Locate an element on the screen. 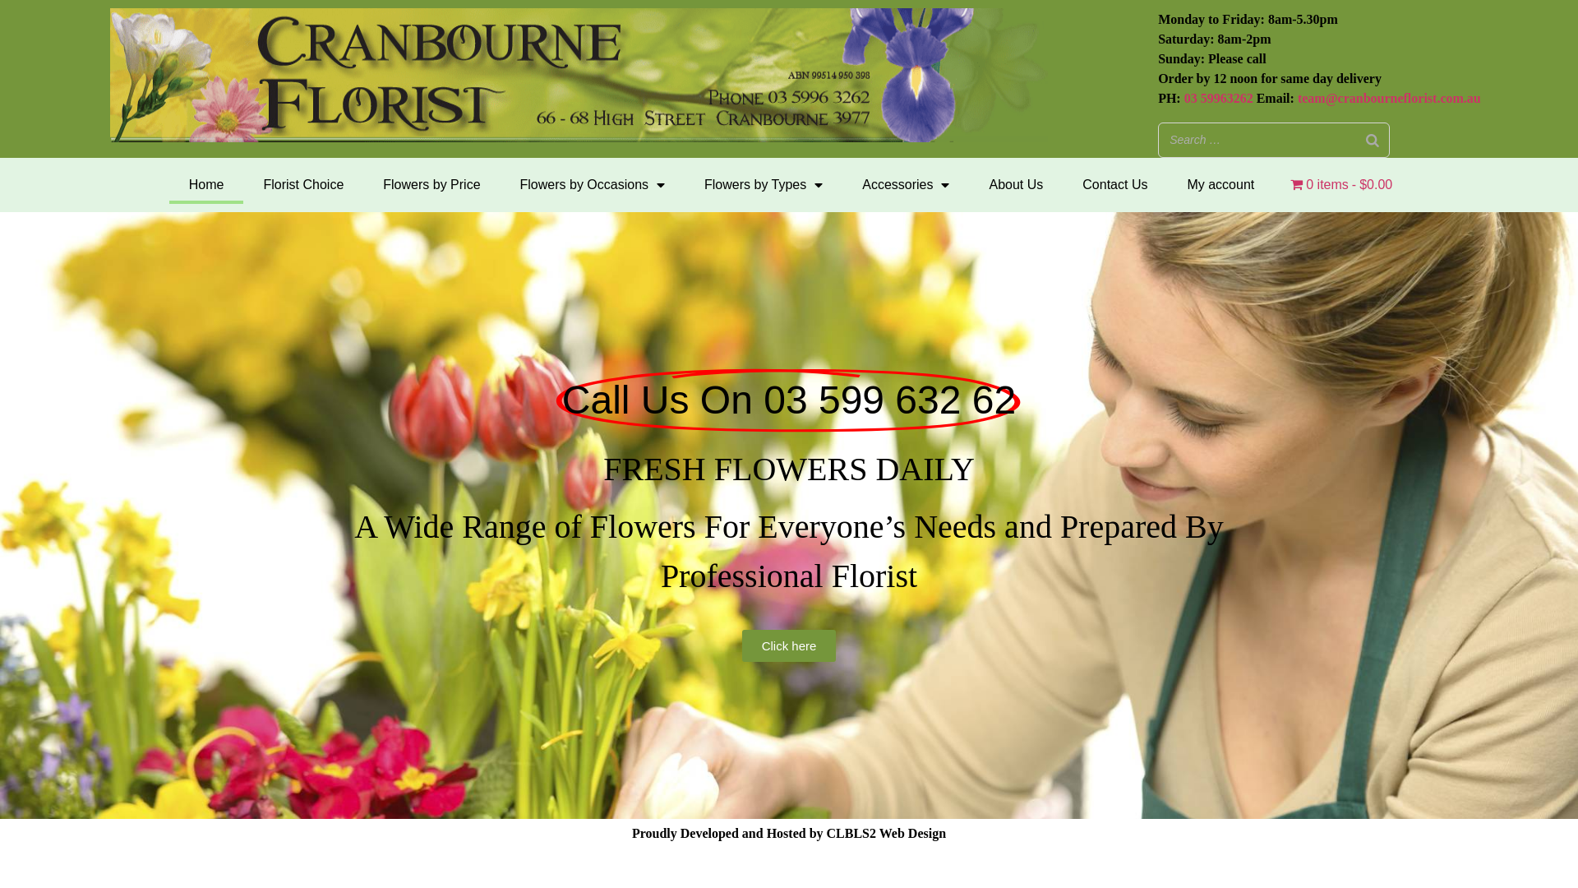 The width and height of the screenshot is (1578, 888). 'My account' is located at coordinates (1220, 184).